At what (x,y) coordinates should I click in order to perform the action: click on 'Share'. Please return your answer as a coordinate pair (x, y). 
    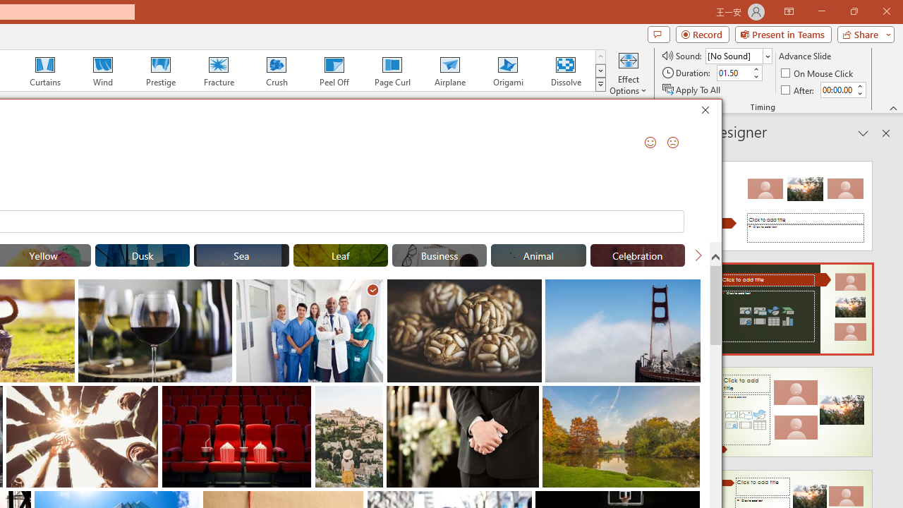
    Looking at the image, I should click on (862, 33).